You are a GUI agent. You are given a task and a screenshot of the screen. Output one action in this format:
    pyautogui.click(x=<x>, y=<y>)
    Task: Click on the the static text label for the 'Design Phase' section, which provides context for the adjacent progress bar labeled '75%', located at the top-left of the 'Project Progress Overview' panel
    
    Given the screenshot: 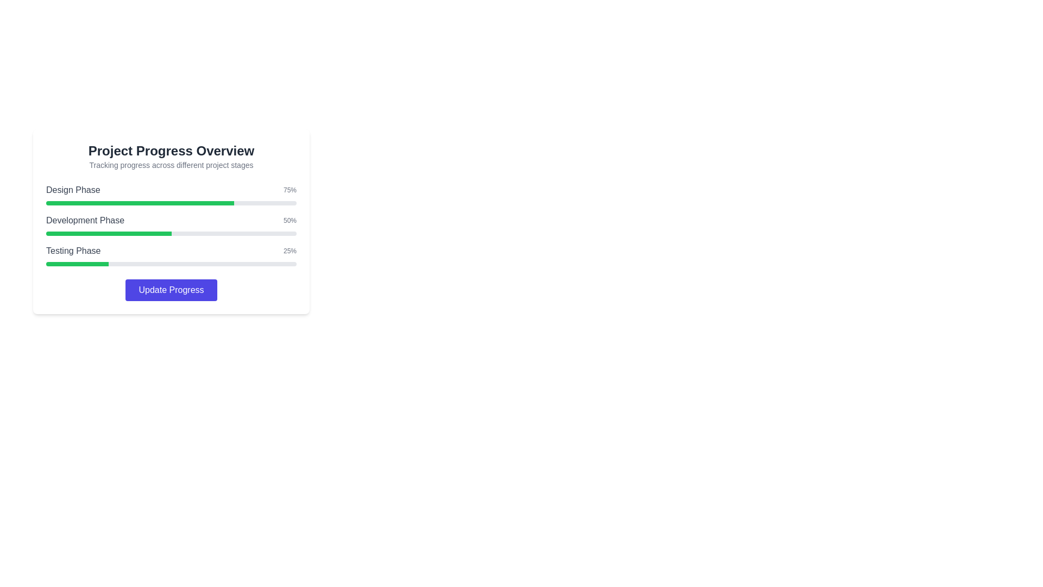 What is the action you would take?
    pyautogui.click(x=72, y=190)
    